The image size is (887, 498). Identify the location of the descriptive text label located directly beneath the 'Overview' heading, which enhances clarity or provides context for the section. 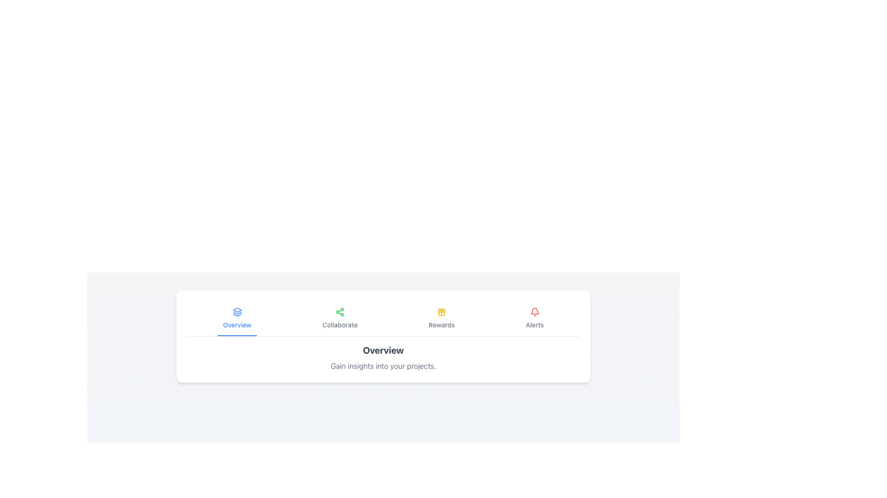
(383, 366).